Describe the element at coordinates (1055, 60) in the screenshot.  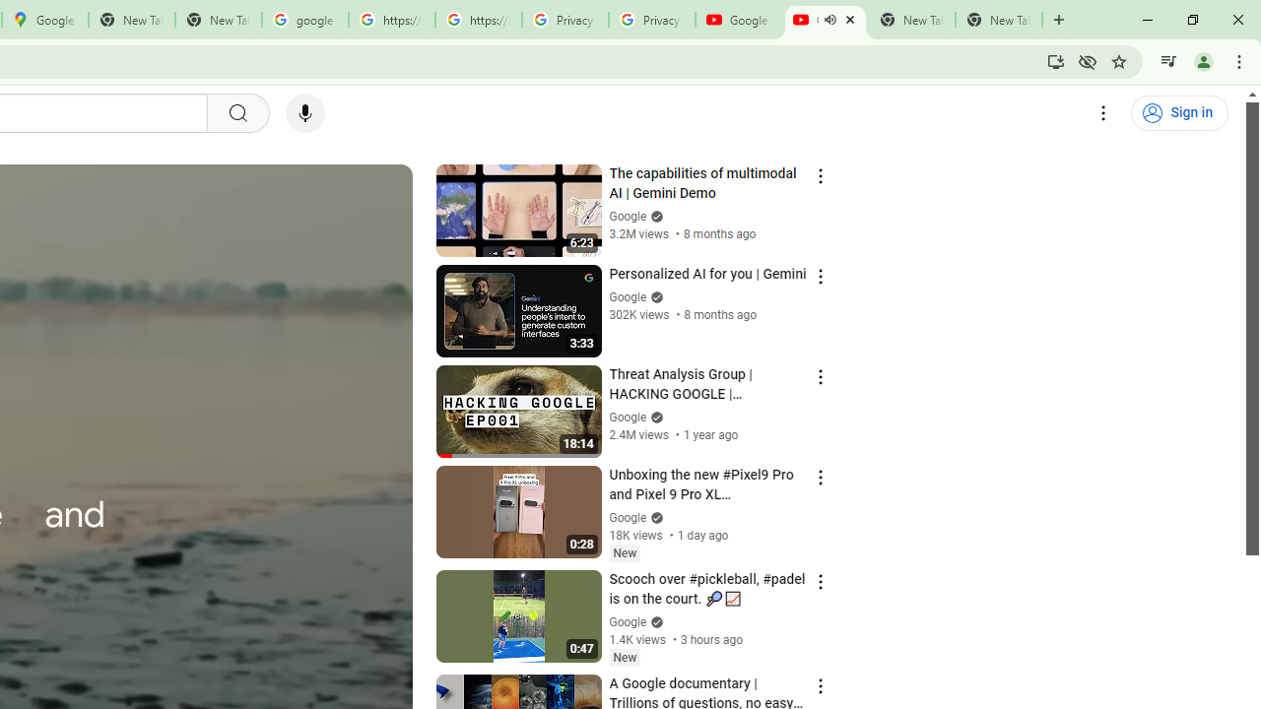
I see `'Install YouTube'` at that location.